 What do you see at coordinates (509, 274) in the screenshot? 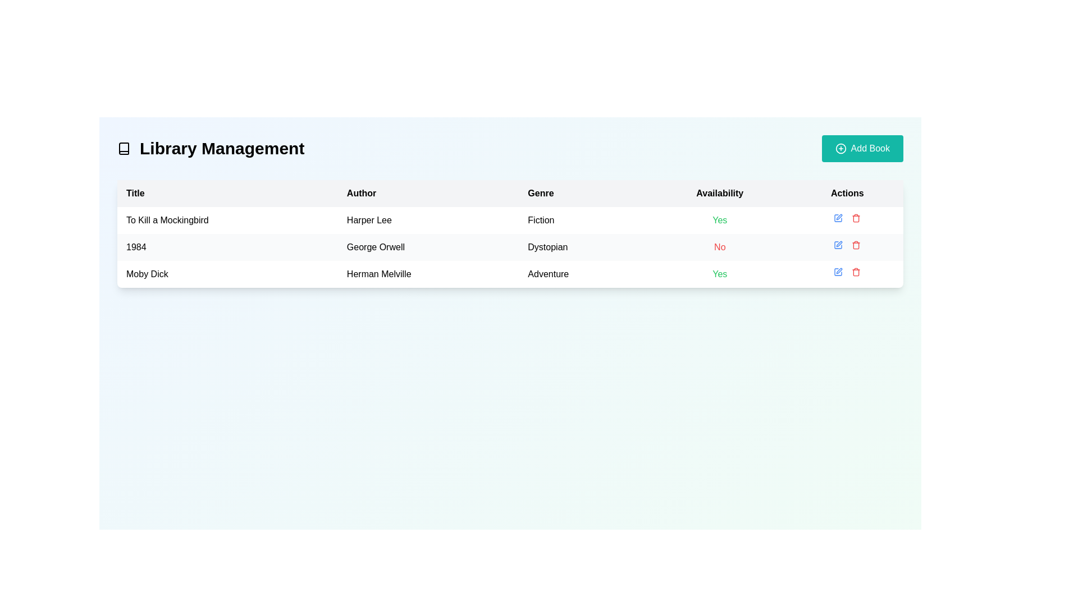
I see `the table row displaying information about the book 'Moby Dick' by 'Herman Melville'` at bounding box center [509, 274].